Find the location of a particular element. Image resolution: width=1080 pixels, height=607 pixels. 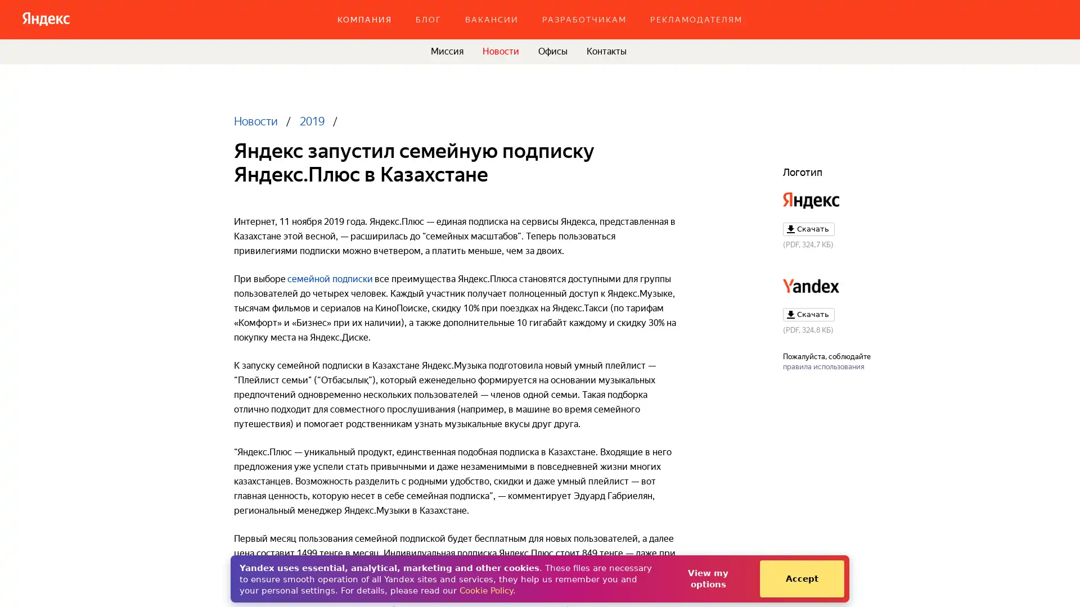

View my options is located at coordinates (707, 578).